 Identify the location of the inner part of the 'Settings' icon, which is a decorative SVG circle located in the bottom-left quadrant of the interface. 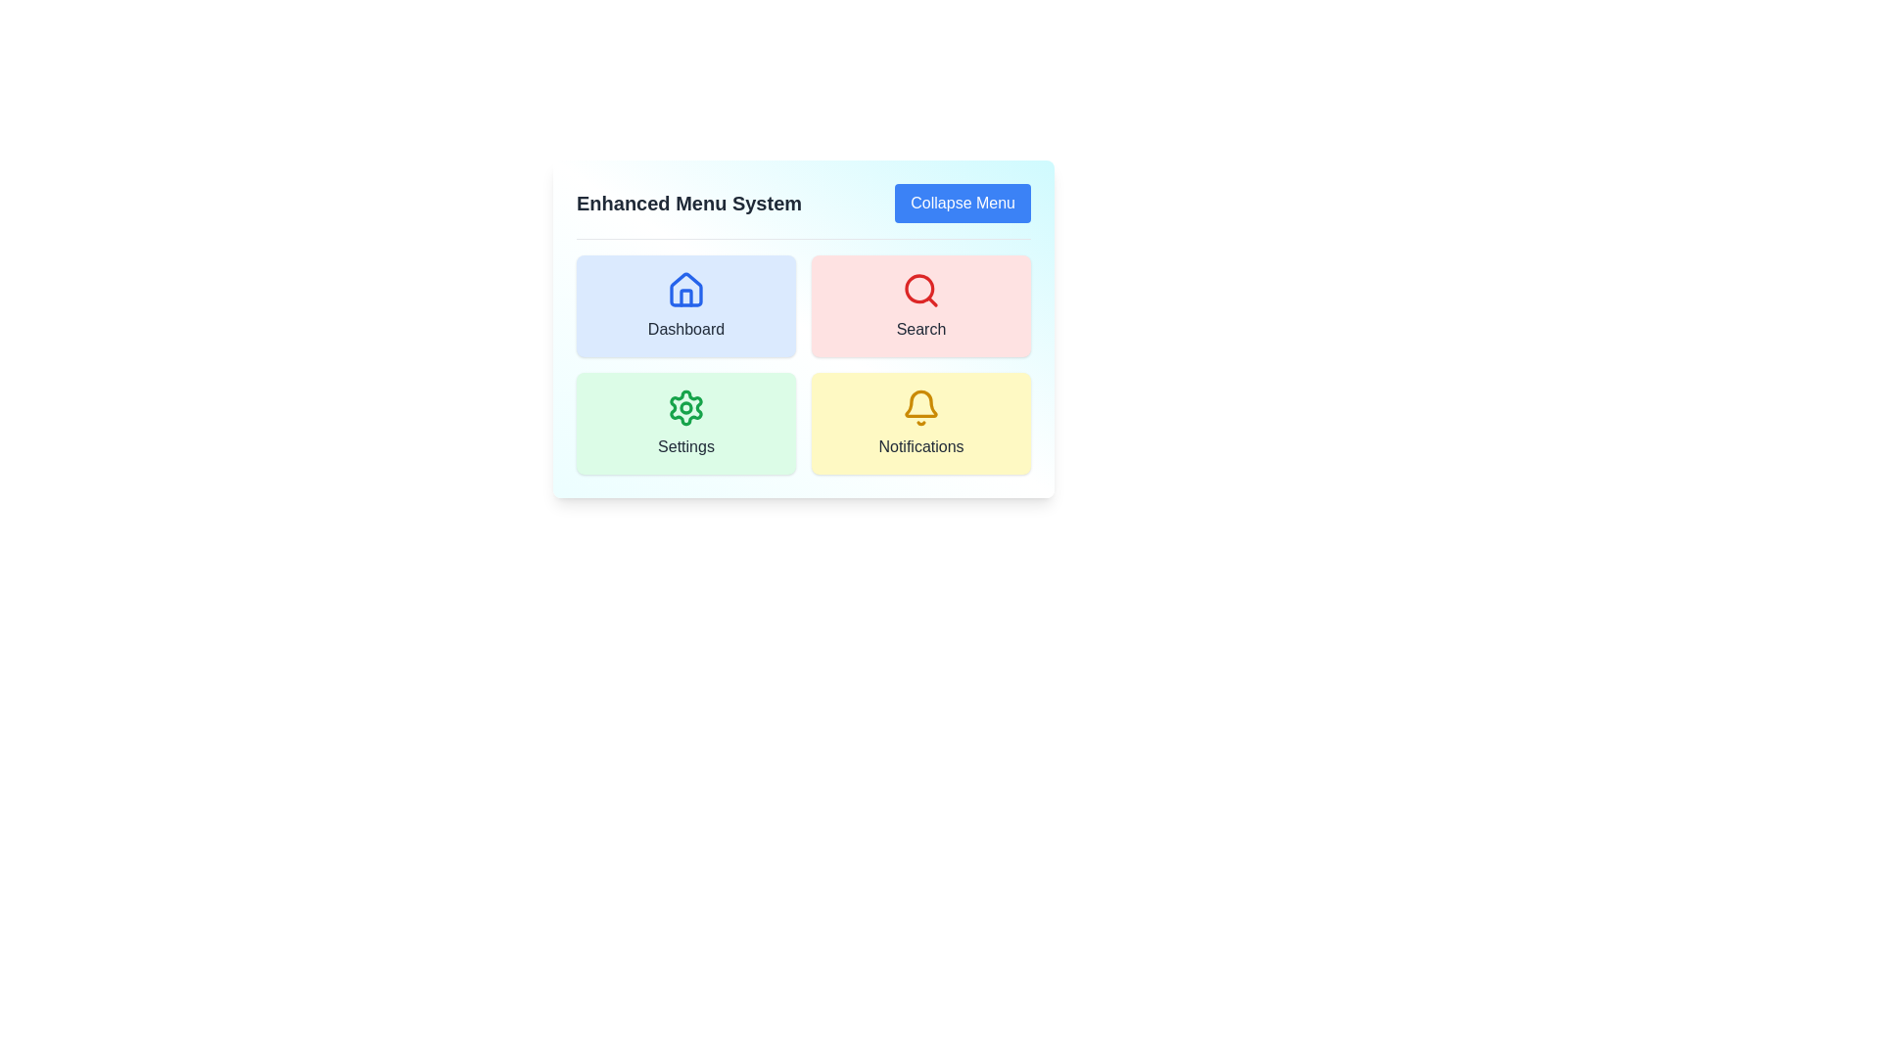
(685, 406).